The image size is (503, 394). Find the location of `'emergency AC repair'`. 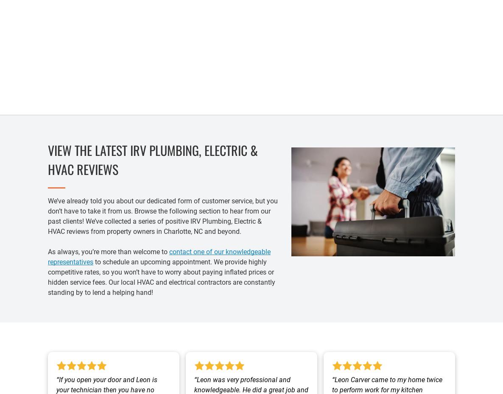

'emergency AC repair' is located at coordinates (230, 72).